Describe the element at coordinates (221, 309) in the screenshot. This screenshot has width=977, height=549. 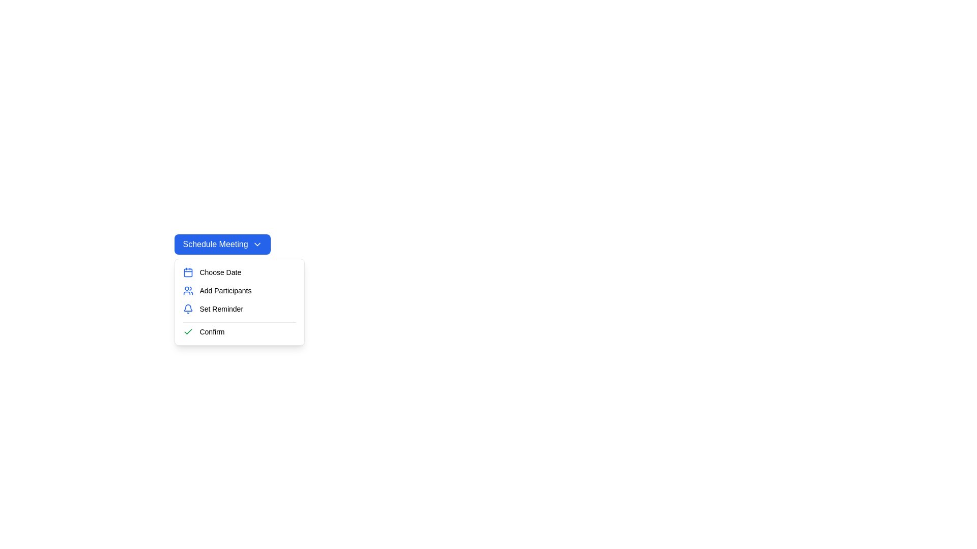
I see `the 'Set Reminder' label area located in the dropdown menu 'Schedule Meeting'` at that location.